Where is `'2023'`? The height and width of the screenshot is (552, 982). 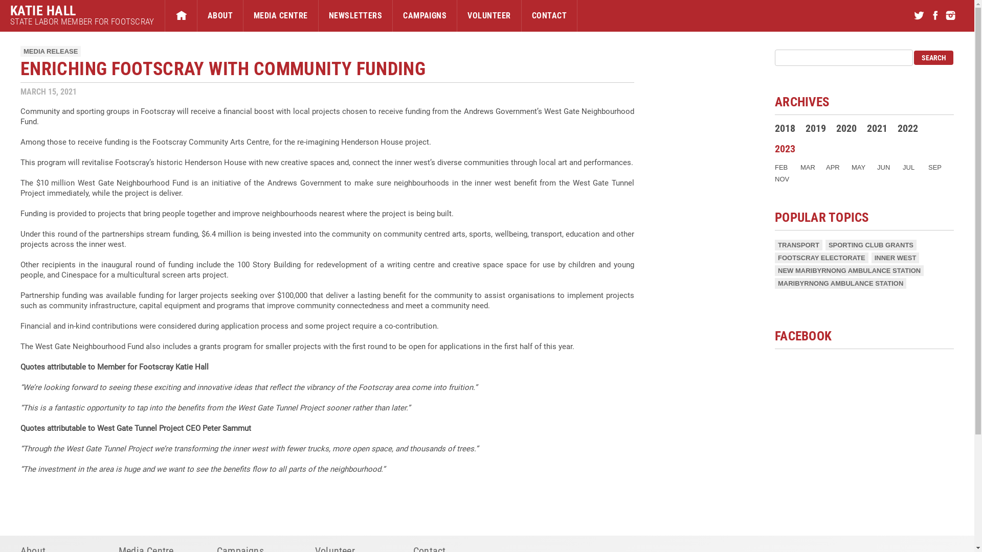
'2023' is located at coordinates (785, 148).